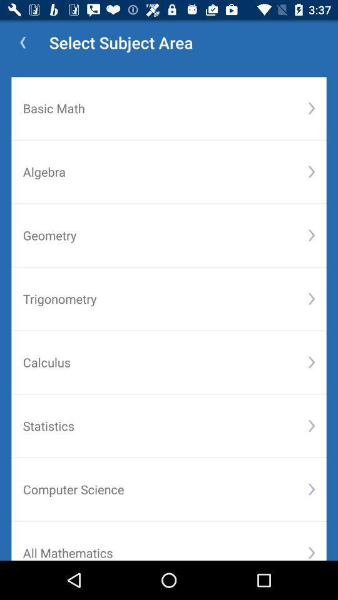 The width and height of the screenshot is (338, 600). I want to click on the button right to the text trigonometry, so click(310, 299).